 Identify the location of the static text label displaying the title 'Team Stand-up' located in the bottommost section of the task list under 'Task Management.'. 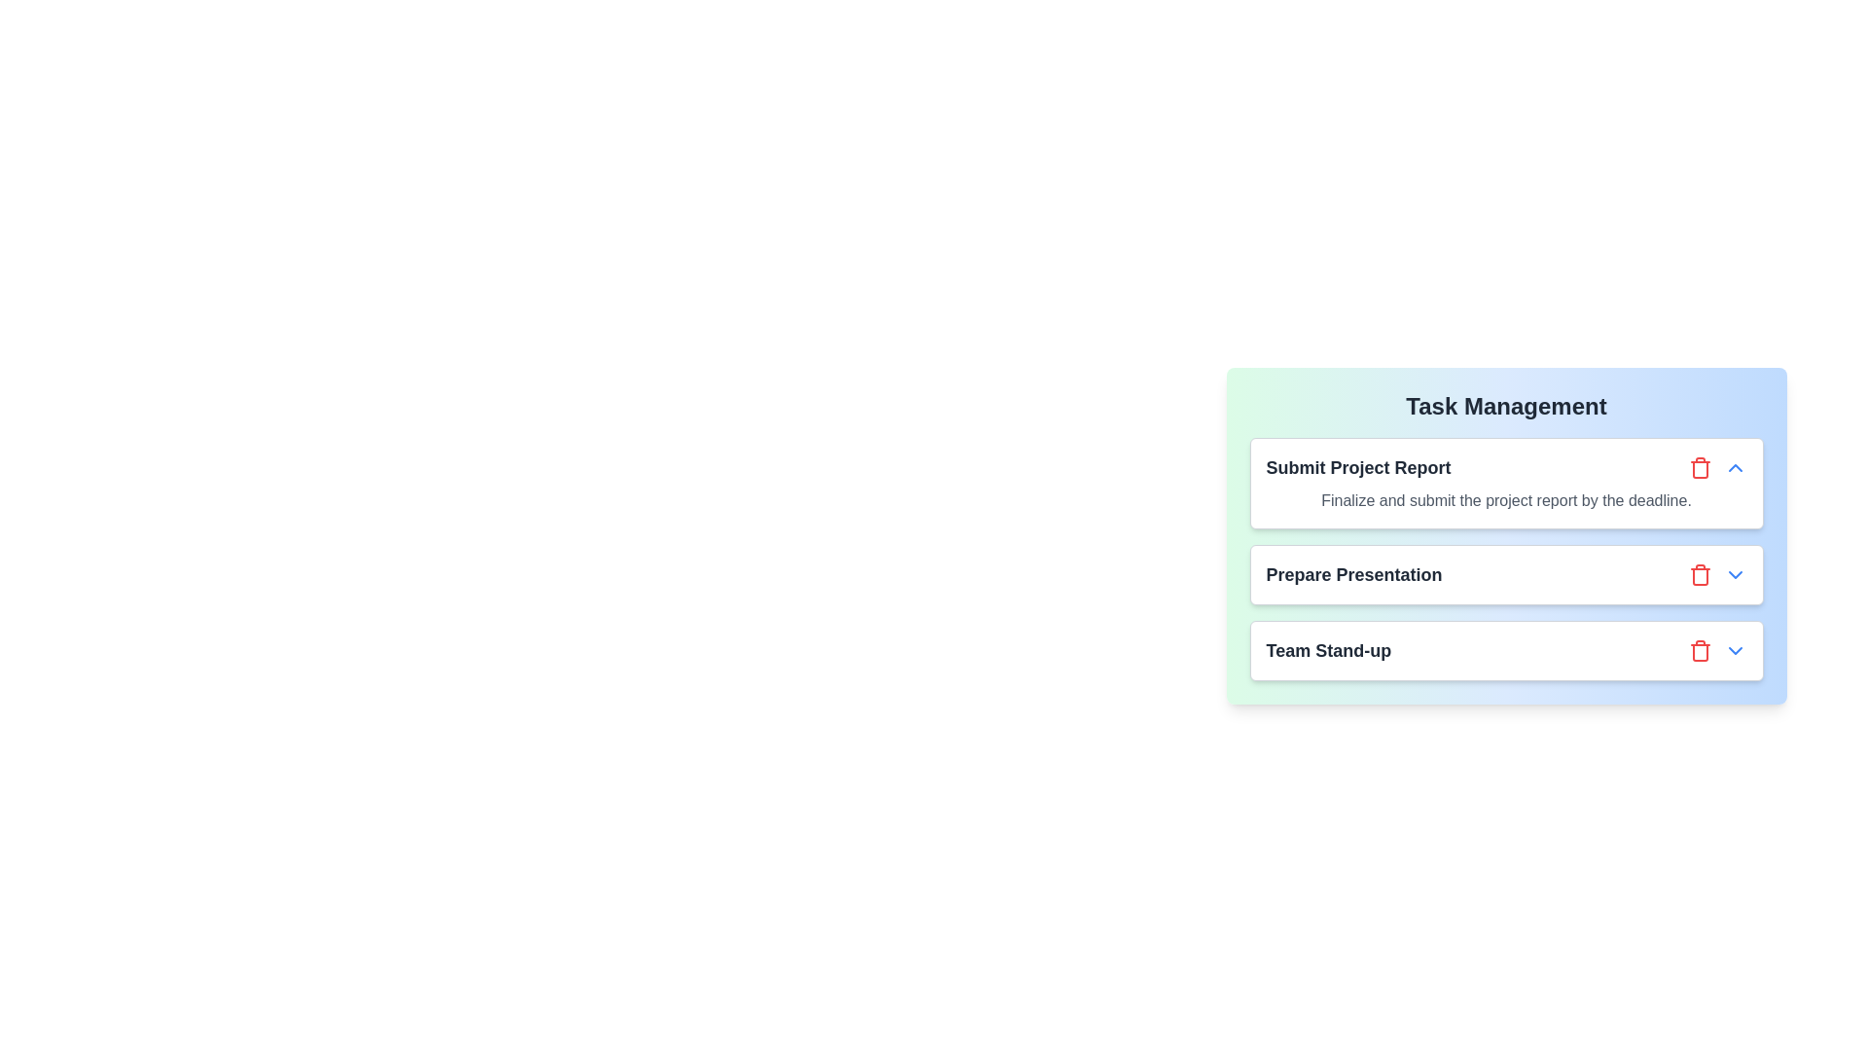
(1327, 650).